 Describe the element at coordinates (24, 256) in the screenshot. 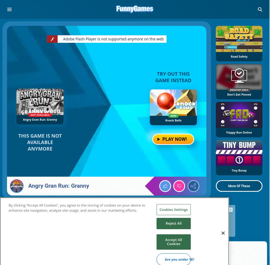

I see `'Skills'` at that location.